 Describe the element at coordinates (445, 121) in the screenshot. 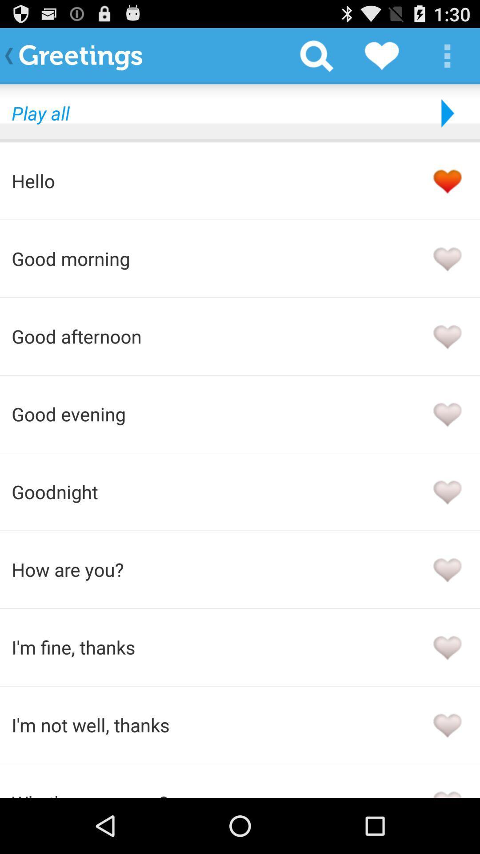

I see `the play icon` at that location.